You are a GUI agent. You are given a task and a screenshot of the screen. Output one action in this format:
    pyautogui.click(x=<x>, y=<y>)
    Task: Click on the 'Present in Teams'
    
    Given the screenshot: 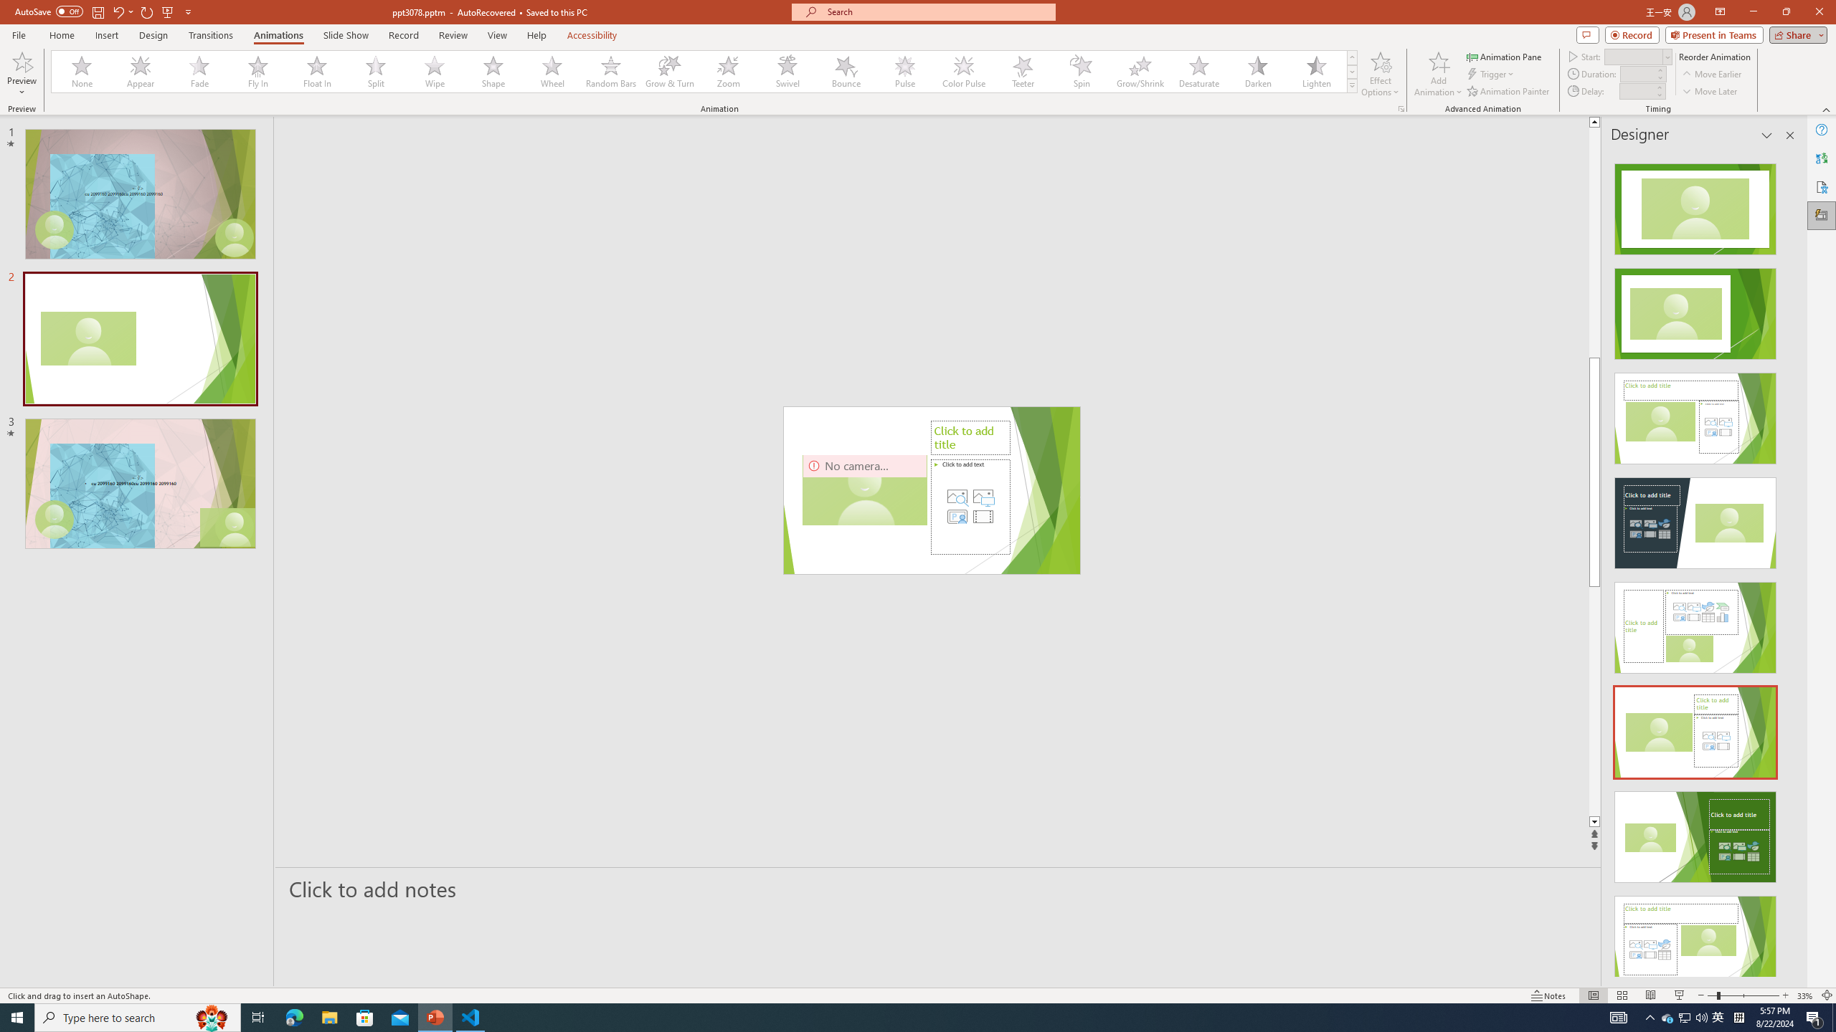 What is the action you would take?
    pyautogui.click(x=1714, y=34)
    